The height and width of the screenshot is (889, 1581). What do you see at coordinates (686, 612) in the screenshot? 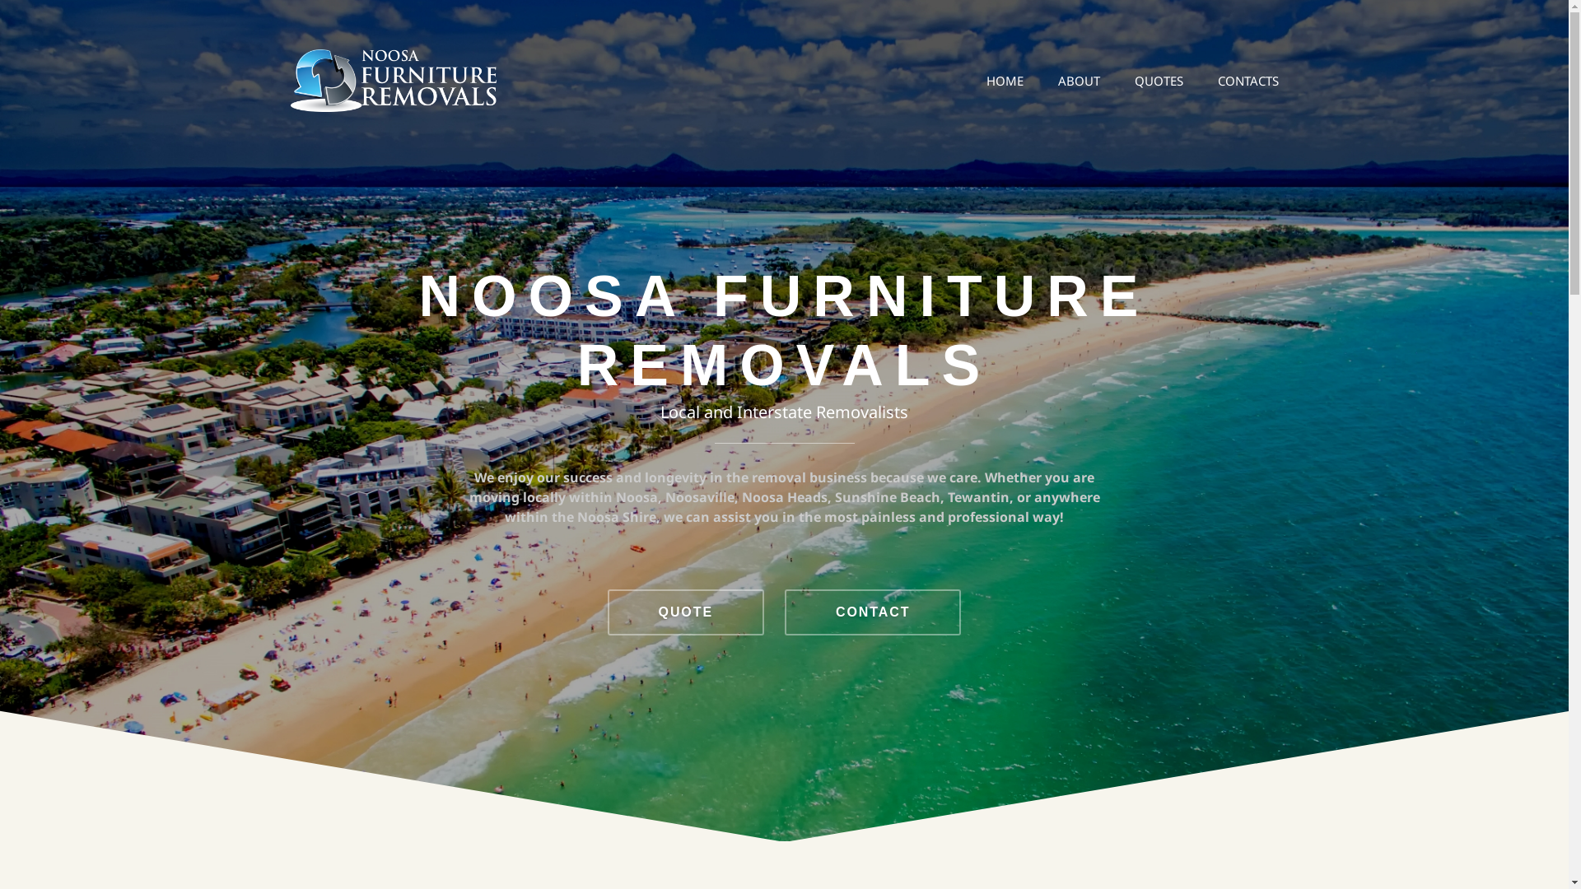
I see `'QUOTE'` at bounding box center [686, 612].